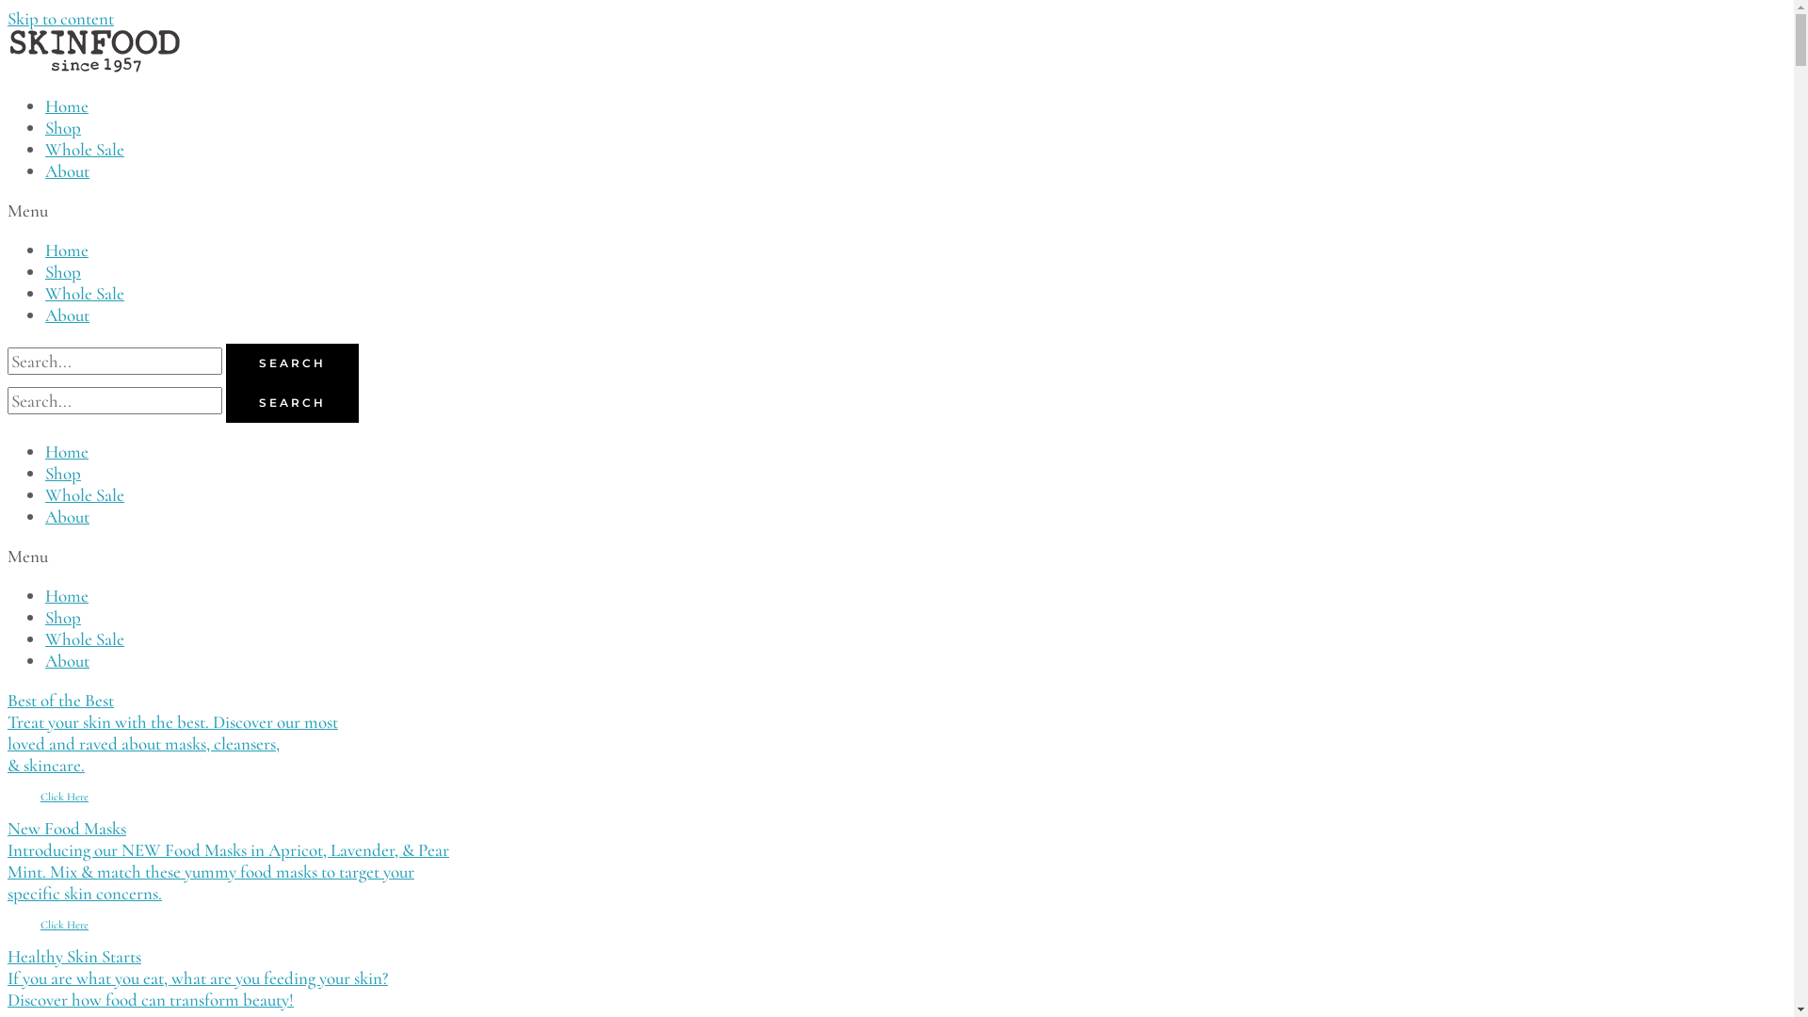 The image size is (1808, 1017). Describe the element at coordinates (84, 638) in the screenshot. I see `'Whole Sale'` at that location.